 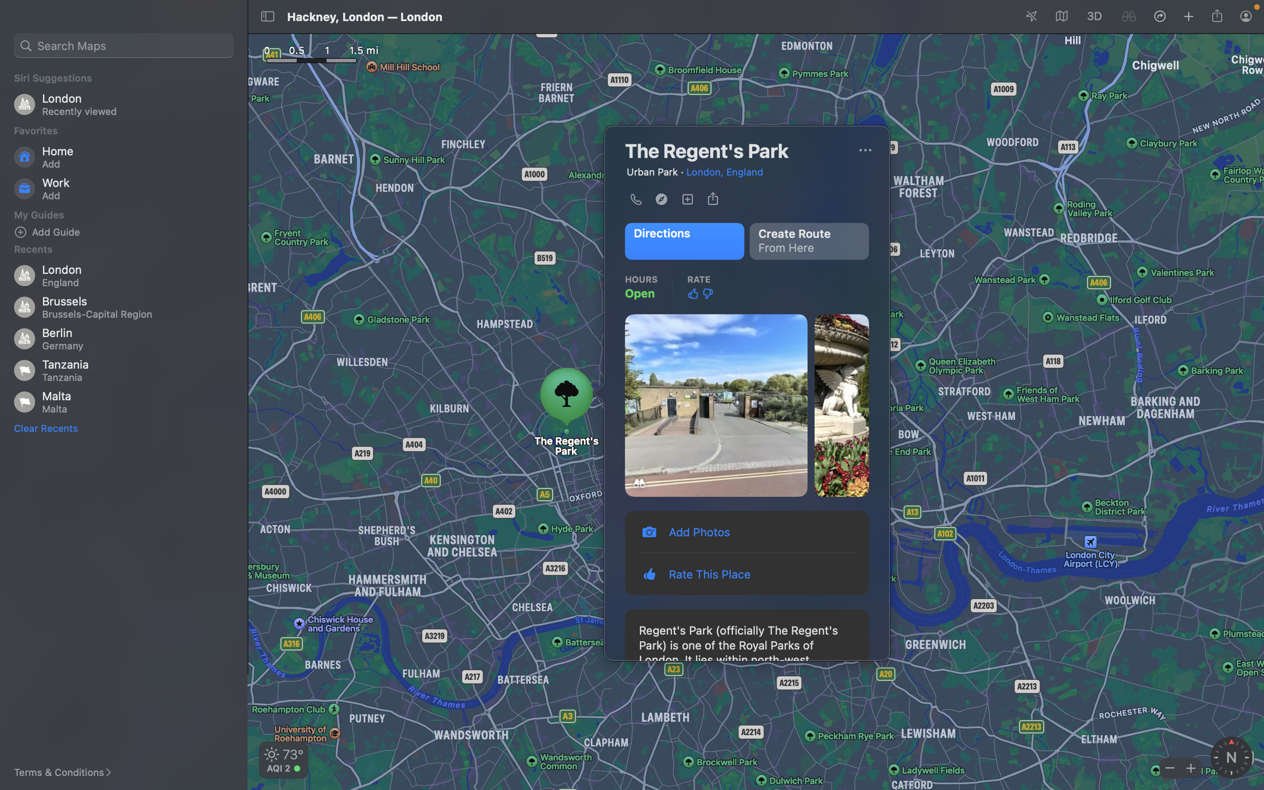 What do you see at coordinates (747, 531) in the screenshot?
I see `the option to upload pictures` at bounding box center [747, 531].